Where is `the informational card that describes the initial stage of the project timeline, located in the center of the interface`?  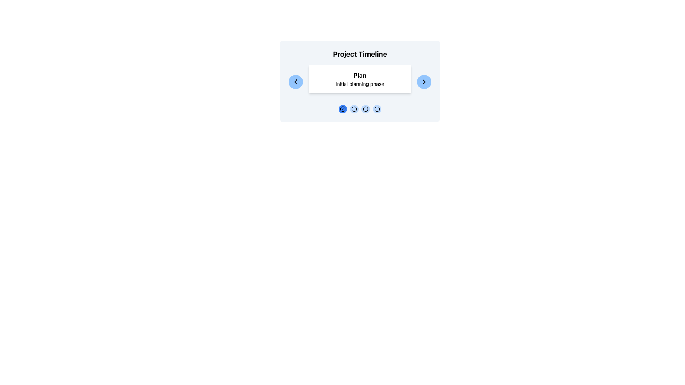 the informational card that describes the initial stage of the project timeline, located in the center of the interface is located at coordinates (360, 79).